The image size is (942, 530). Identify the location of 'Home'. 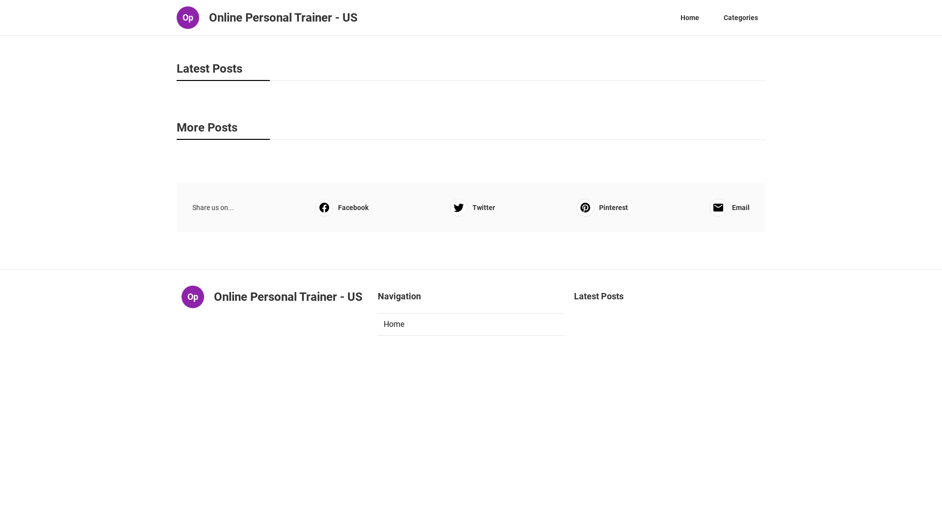
(689, 17).